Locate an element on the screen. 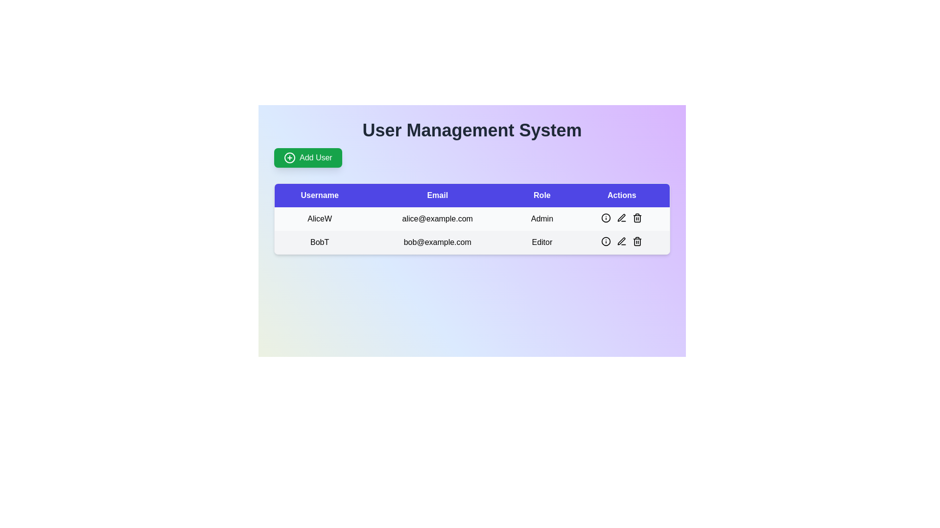  the edit button, which is an icon resembling a pencil located is located at coordinates (621, 218).